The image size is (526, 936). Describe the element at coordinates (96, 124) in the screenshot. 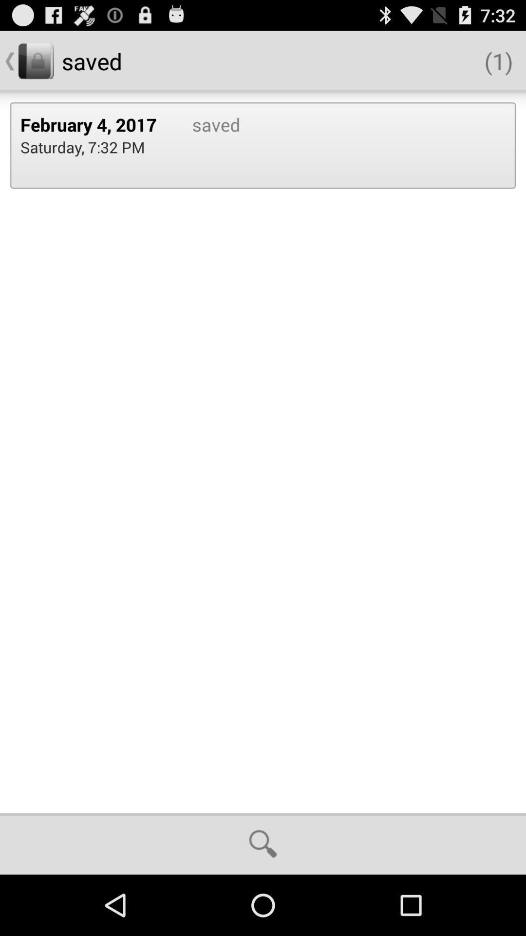

I see `app to the left of the saved icon` at that location.